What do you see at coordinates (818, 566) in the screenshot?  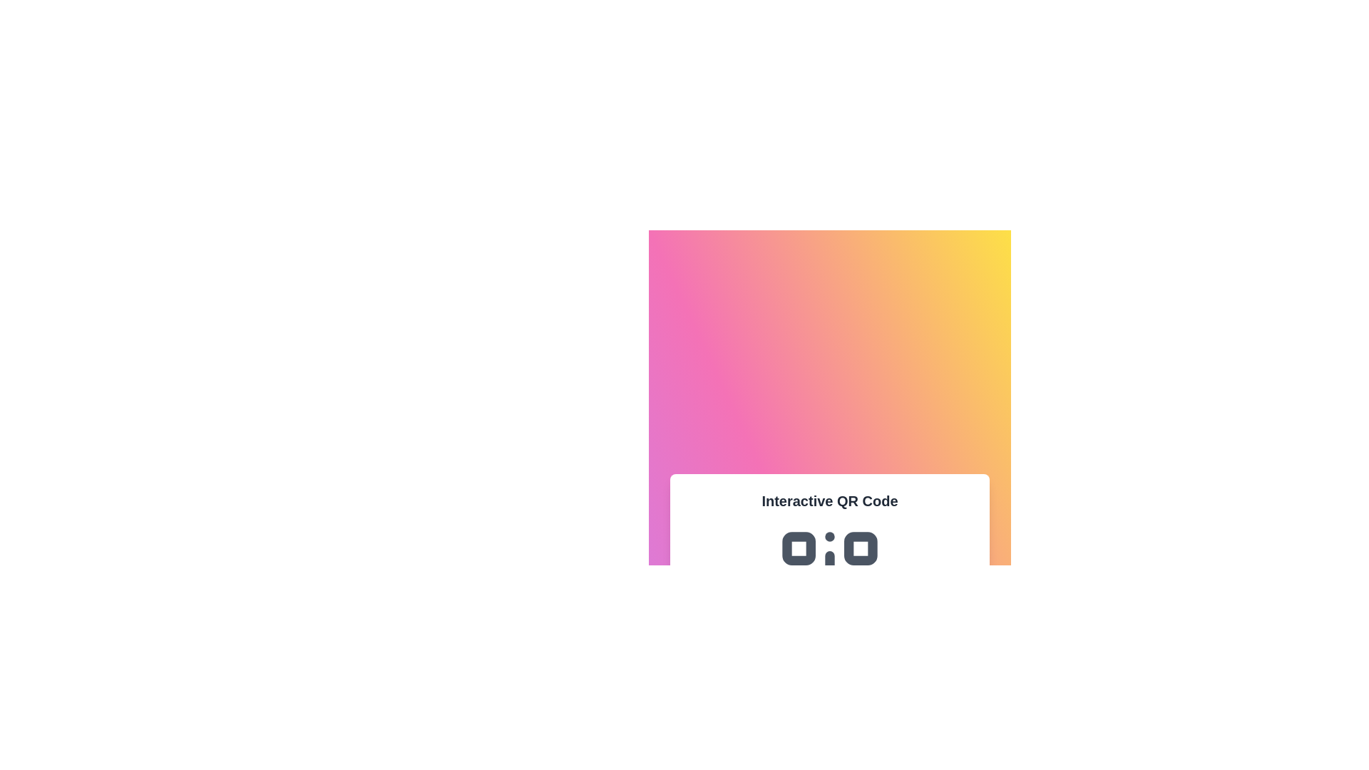 I see `the small curved segment of the QR code graphic located towards the lower-left area of the QR code` at bounding box center [818, 566].